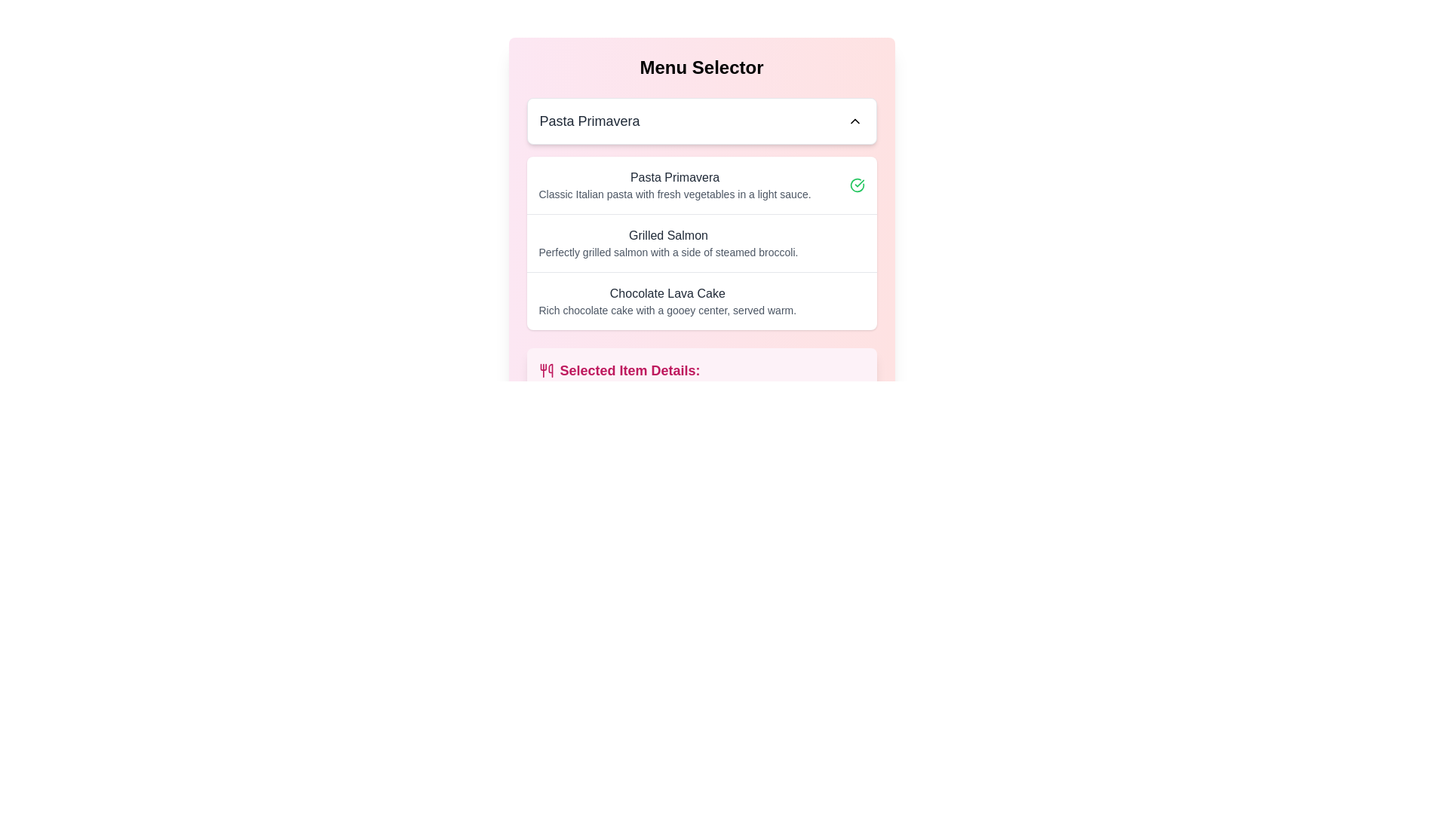  I want to click on the list item titled 'Chocolate Lava Cake' which is the third entry in the 'Menu Selector' section, so click(701, 301).